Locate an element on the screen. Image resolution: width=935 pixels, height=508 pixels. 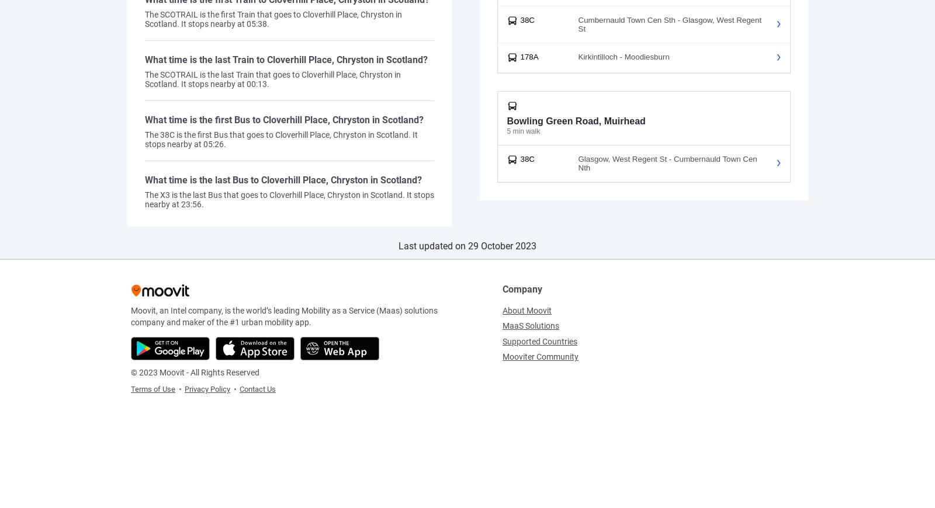
'5 min walk' is located at coordinates (522, 131).